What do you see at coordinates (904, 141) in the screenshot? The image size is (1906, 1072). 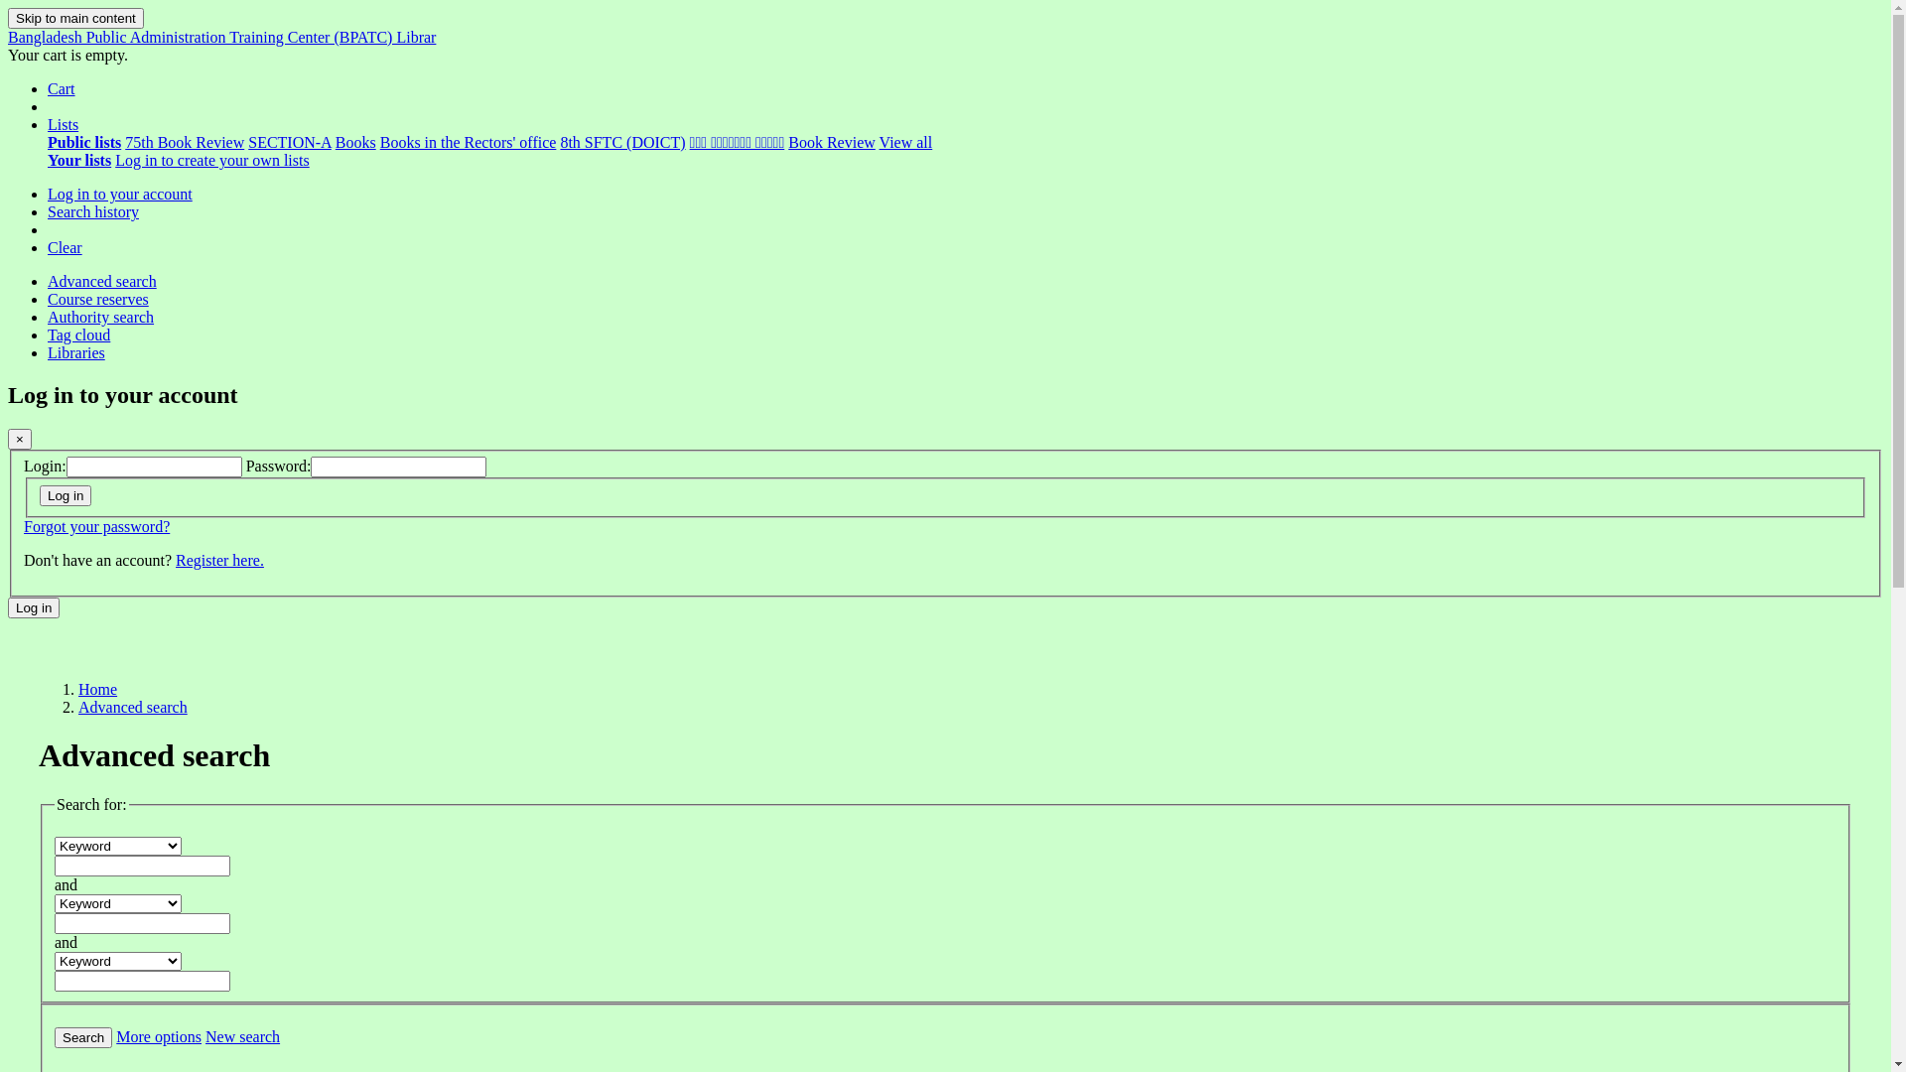 I see `'View all'` at bounding box center [904, 141].